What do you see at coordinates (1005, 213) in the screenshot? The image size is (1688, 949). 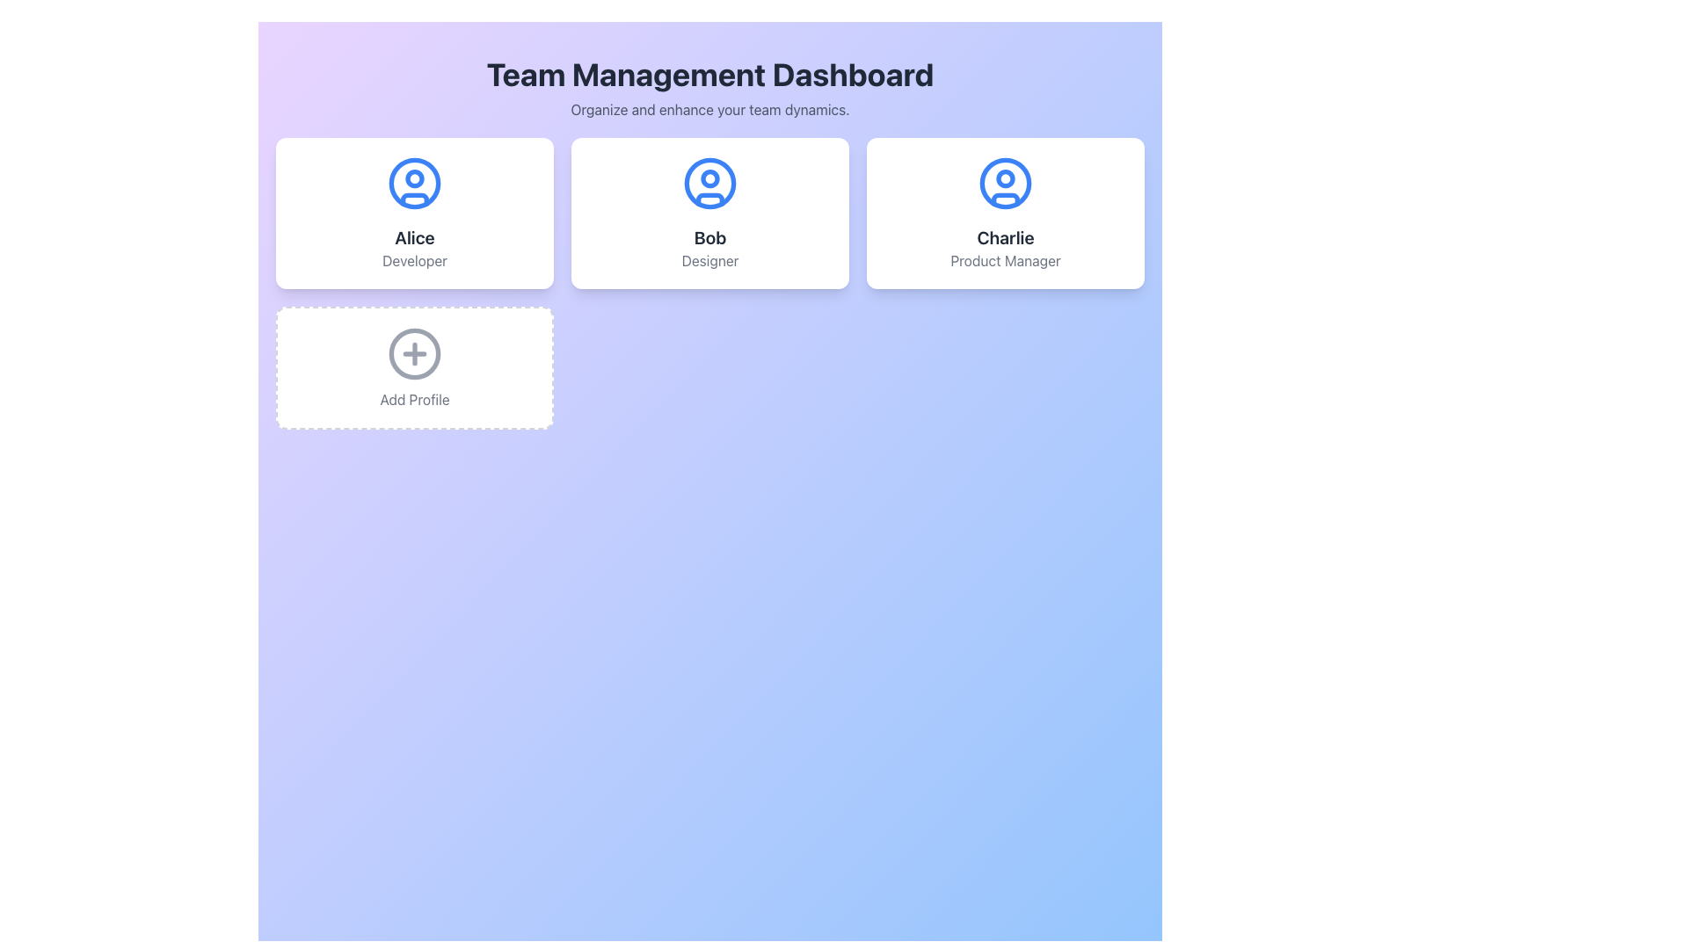 I see `the Profile card featuring the icon of a person, the name 'Charlie' in bold, and the title 'Product Manager'` at bounding box center [1005, 213].